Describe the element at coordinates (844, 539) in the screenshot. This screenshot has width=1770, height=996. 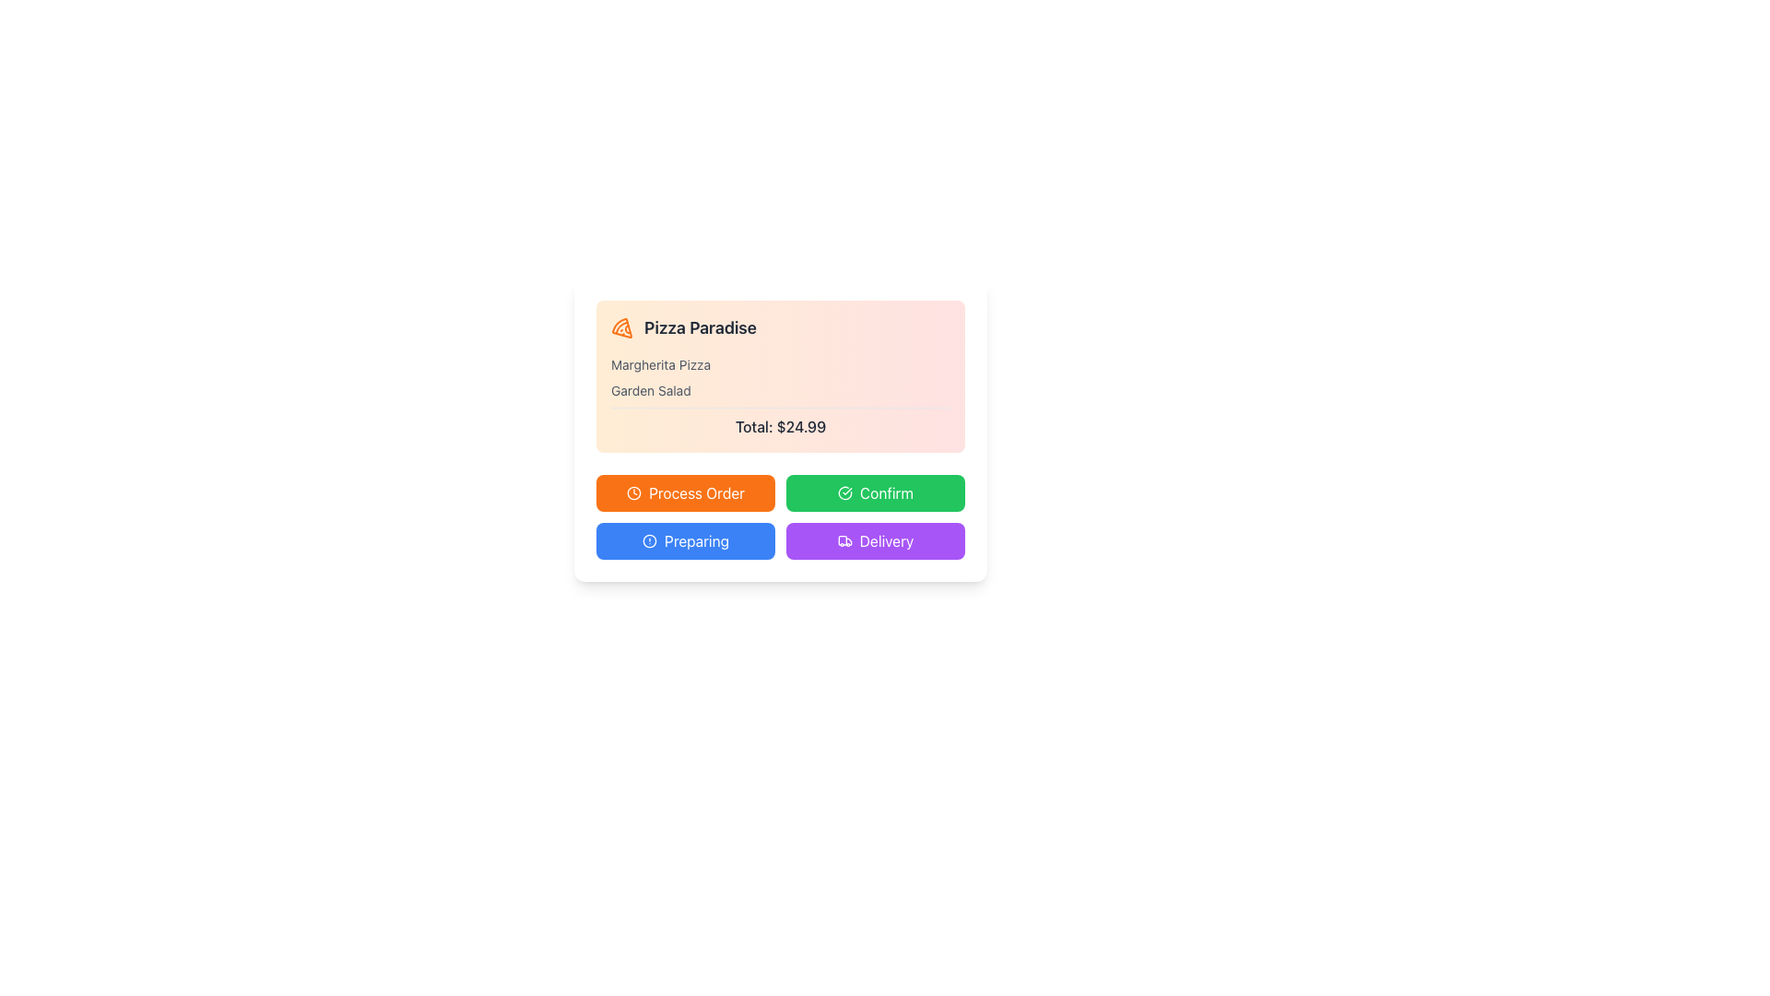
I see `the 'Delivery' button, which features a small white delivery truck icon on a purple background, located in the bottom right corner of a 2x2 grid of action buttons` at that location.